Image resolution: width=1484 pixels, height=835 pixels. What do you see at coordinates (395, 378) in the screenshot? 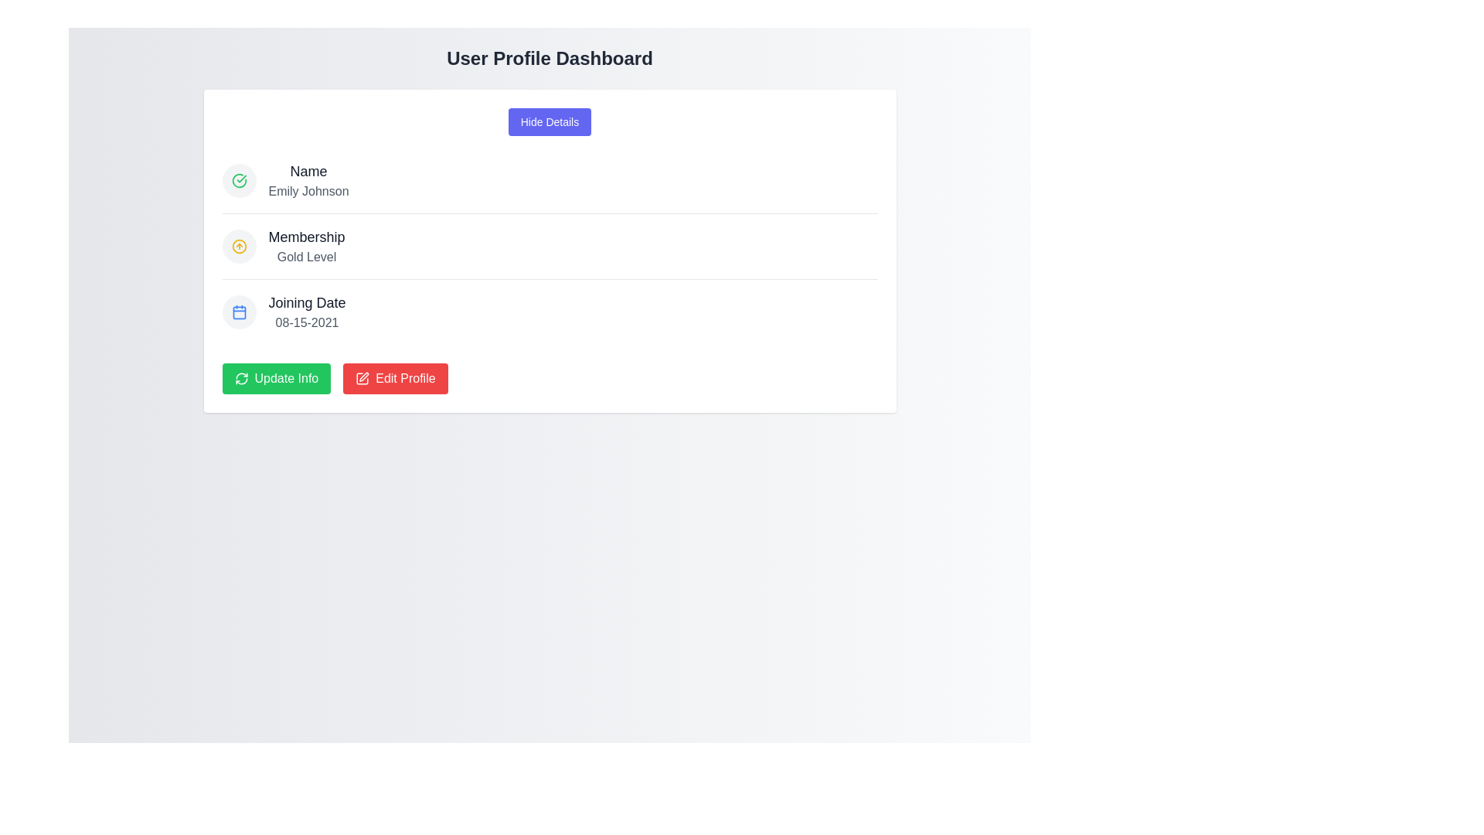
I see `the profile editing button located to the right of the 'Update Info' button in the user profile card to apply the hover style` at bounding box center [395, 378].